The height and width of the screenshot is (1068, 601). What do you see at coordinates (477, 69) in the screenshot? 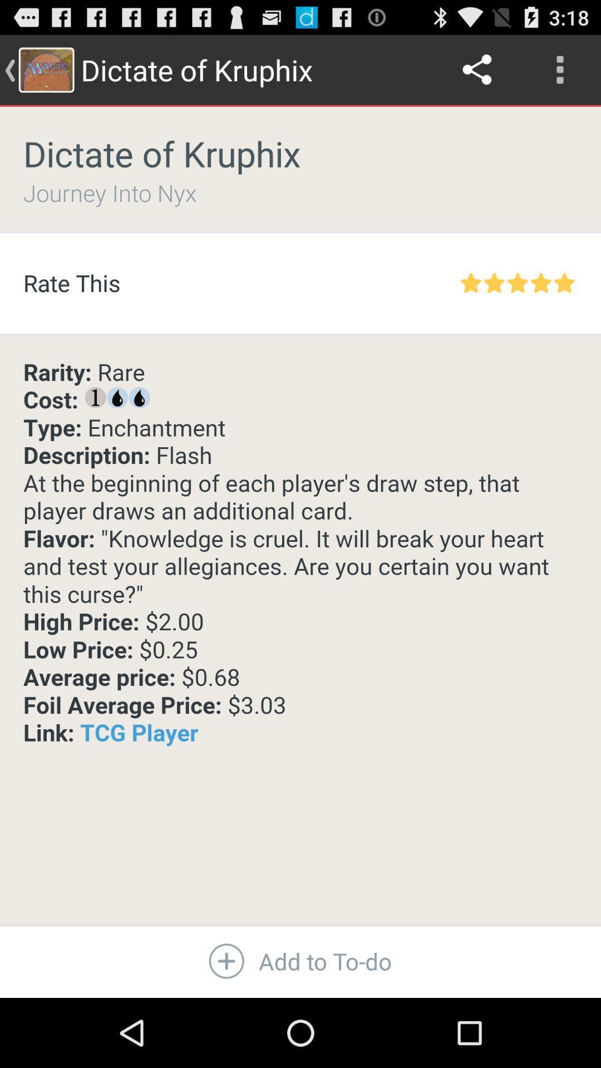
I see `icon to the right of the dictate of kruphix item` at bounding box center [477, 69].